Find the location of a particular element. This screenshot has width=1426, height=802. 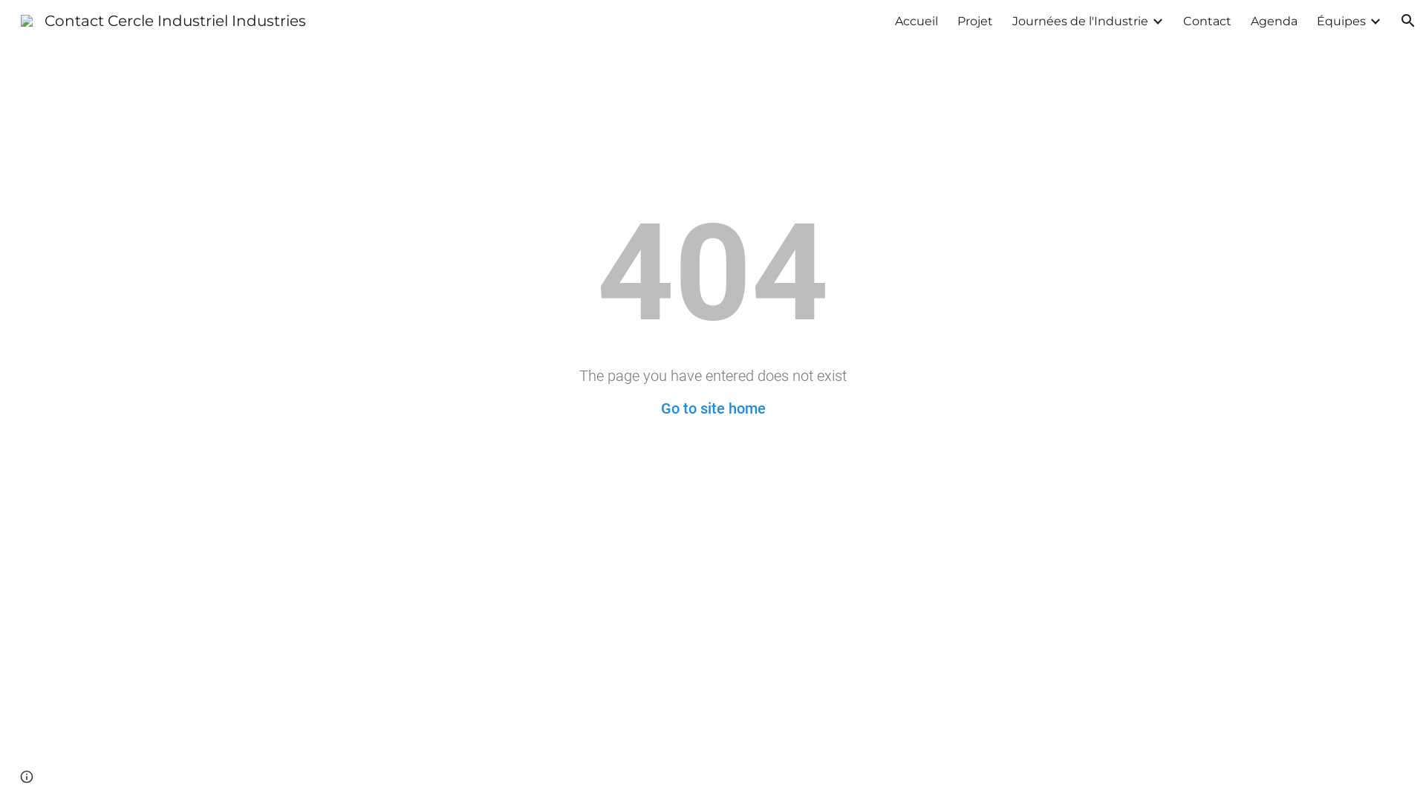

'Contact Cercle Industriel Industries' is located at coordinates (163, 19).